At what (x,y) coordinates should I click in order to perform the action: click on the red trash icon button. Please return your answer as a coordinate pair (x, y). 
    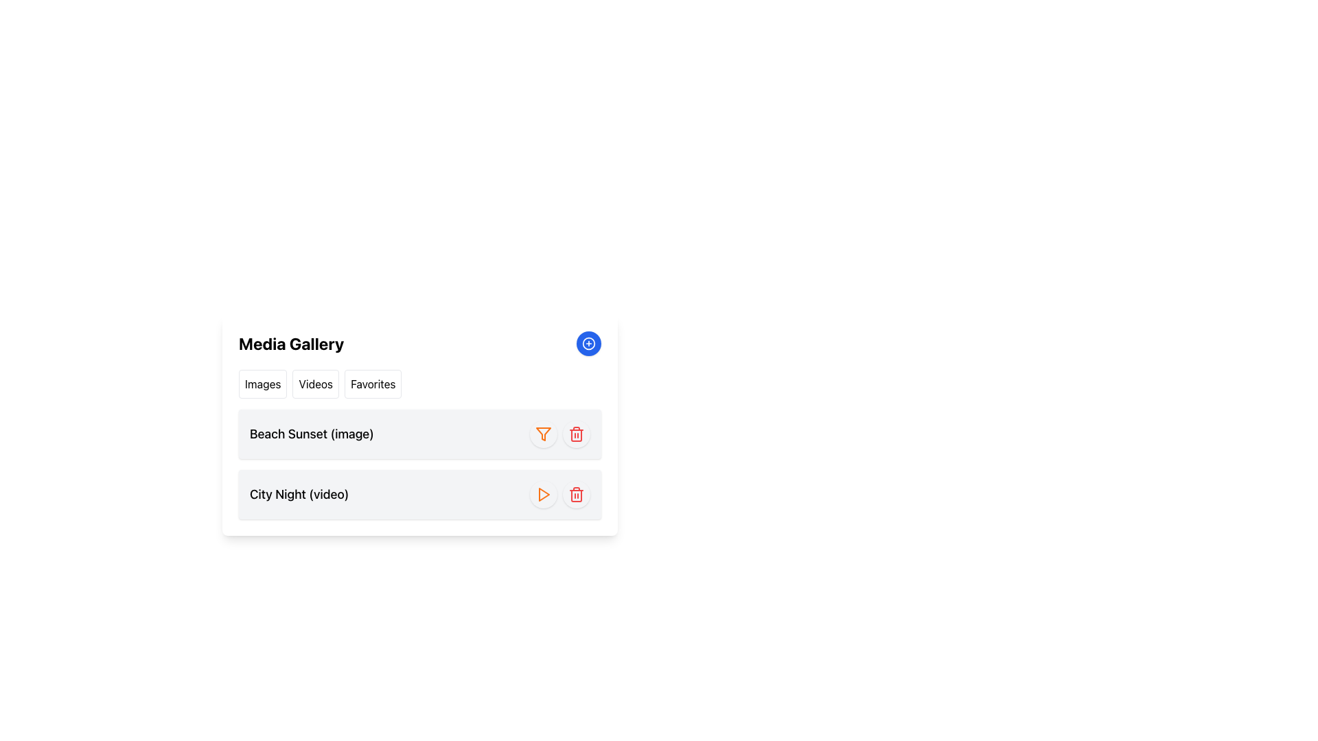
    Looking at the image, I should click on (577, 495).